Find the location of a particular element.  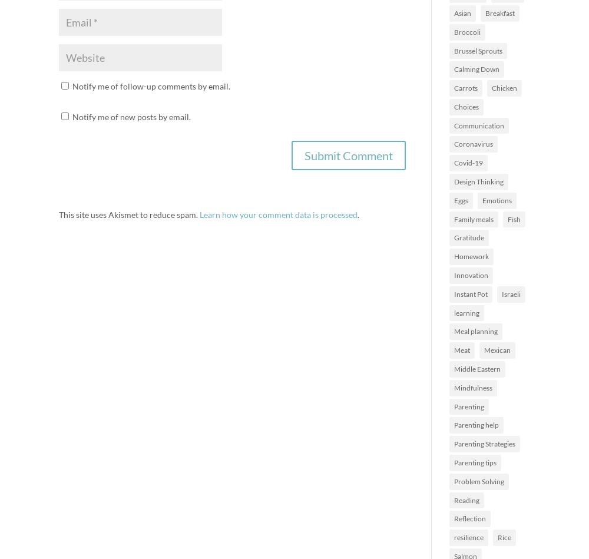

'Innovation' is located at coordinates (471, 275).